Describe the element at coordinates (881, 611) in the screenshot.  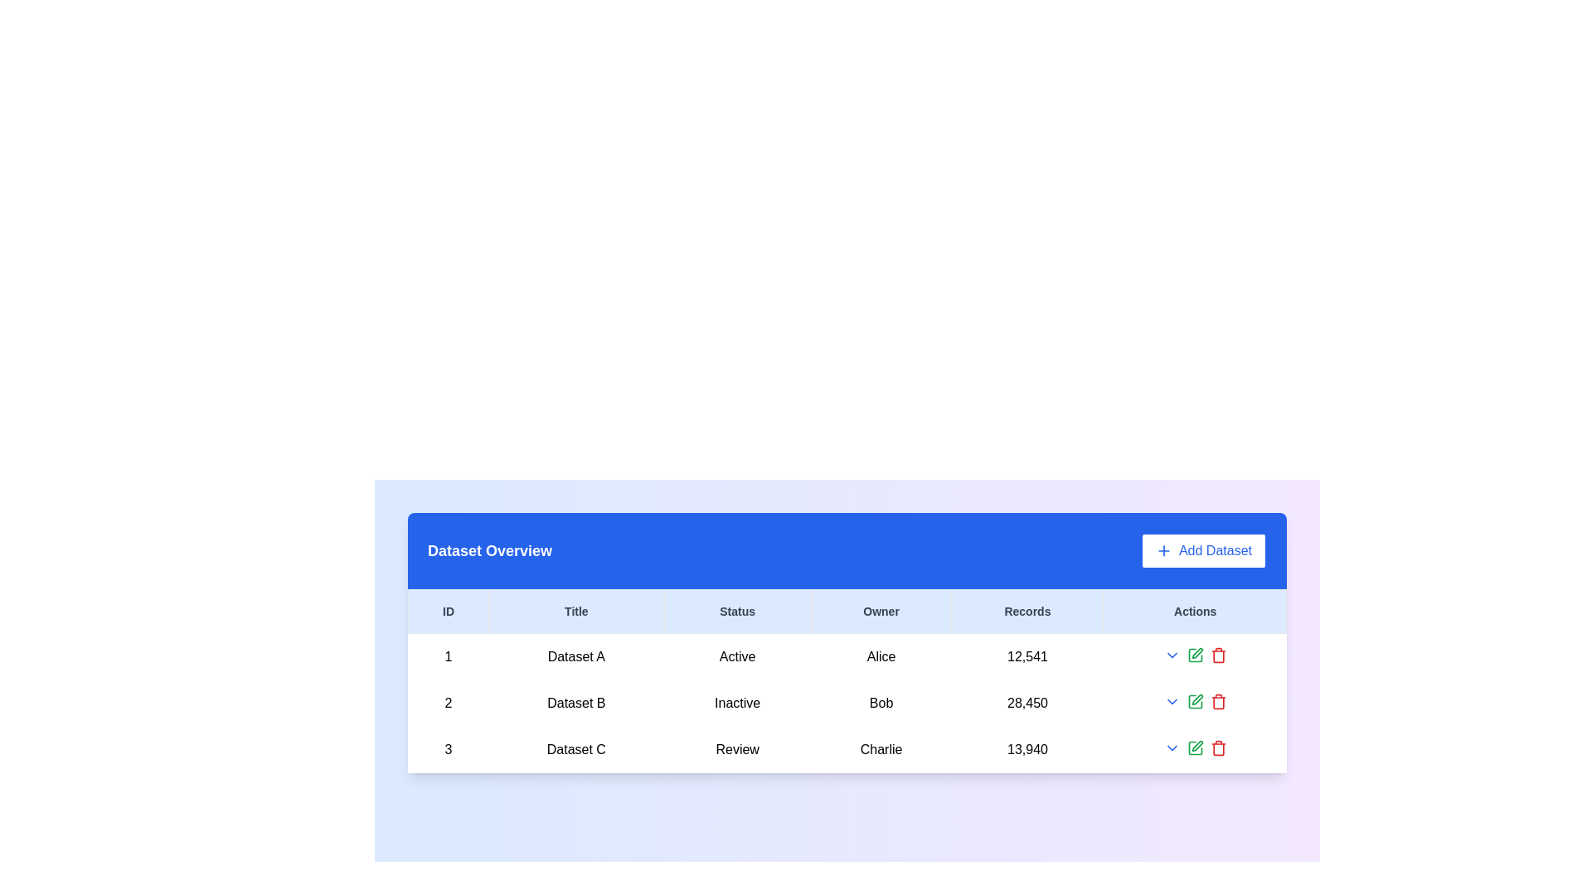
I see `the 'Owner' header label in the dataset table, which is the fourth item in the header row, located between 'Status' and 'Records'` at that location.